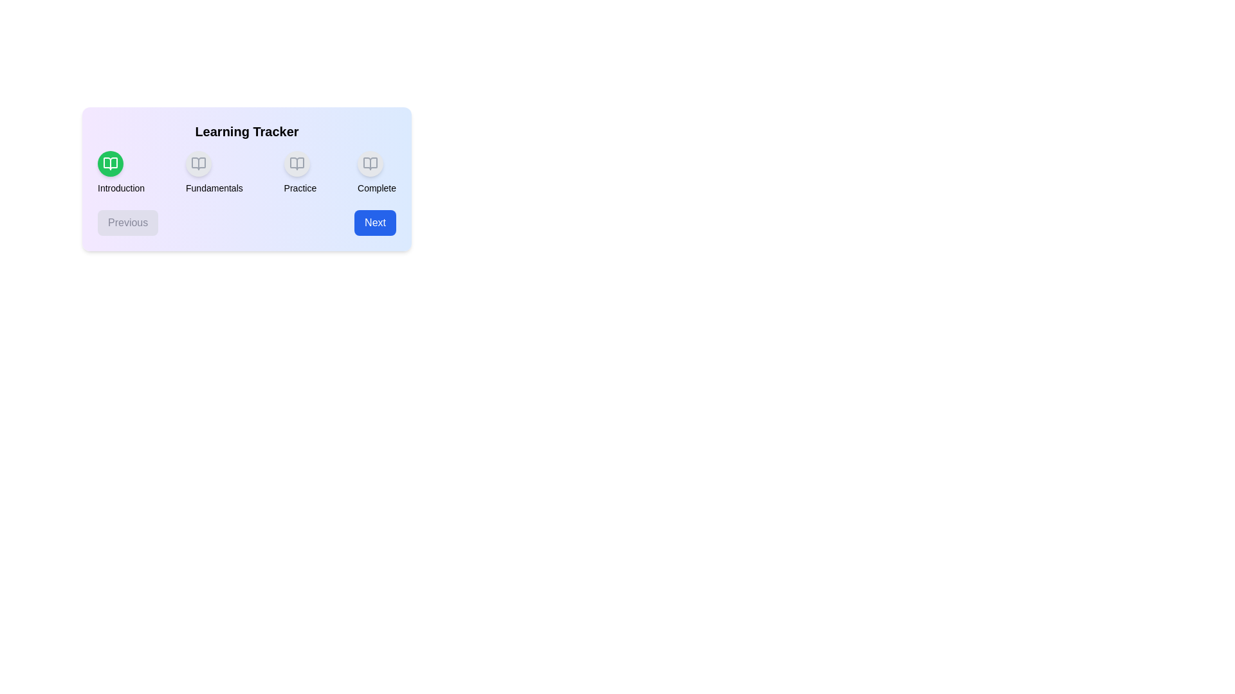  Describe the element at coordinates (121, 188) in the screenshot. I see `the 'Introduction' text label, which identifies the corresponding section in the learning tracker widget and is positioned below a green circular icon with a white book illustration` at that location.